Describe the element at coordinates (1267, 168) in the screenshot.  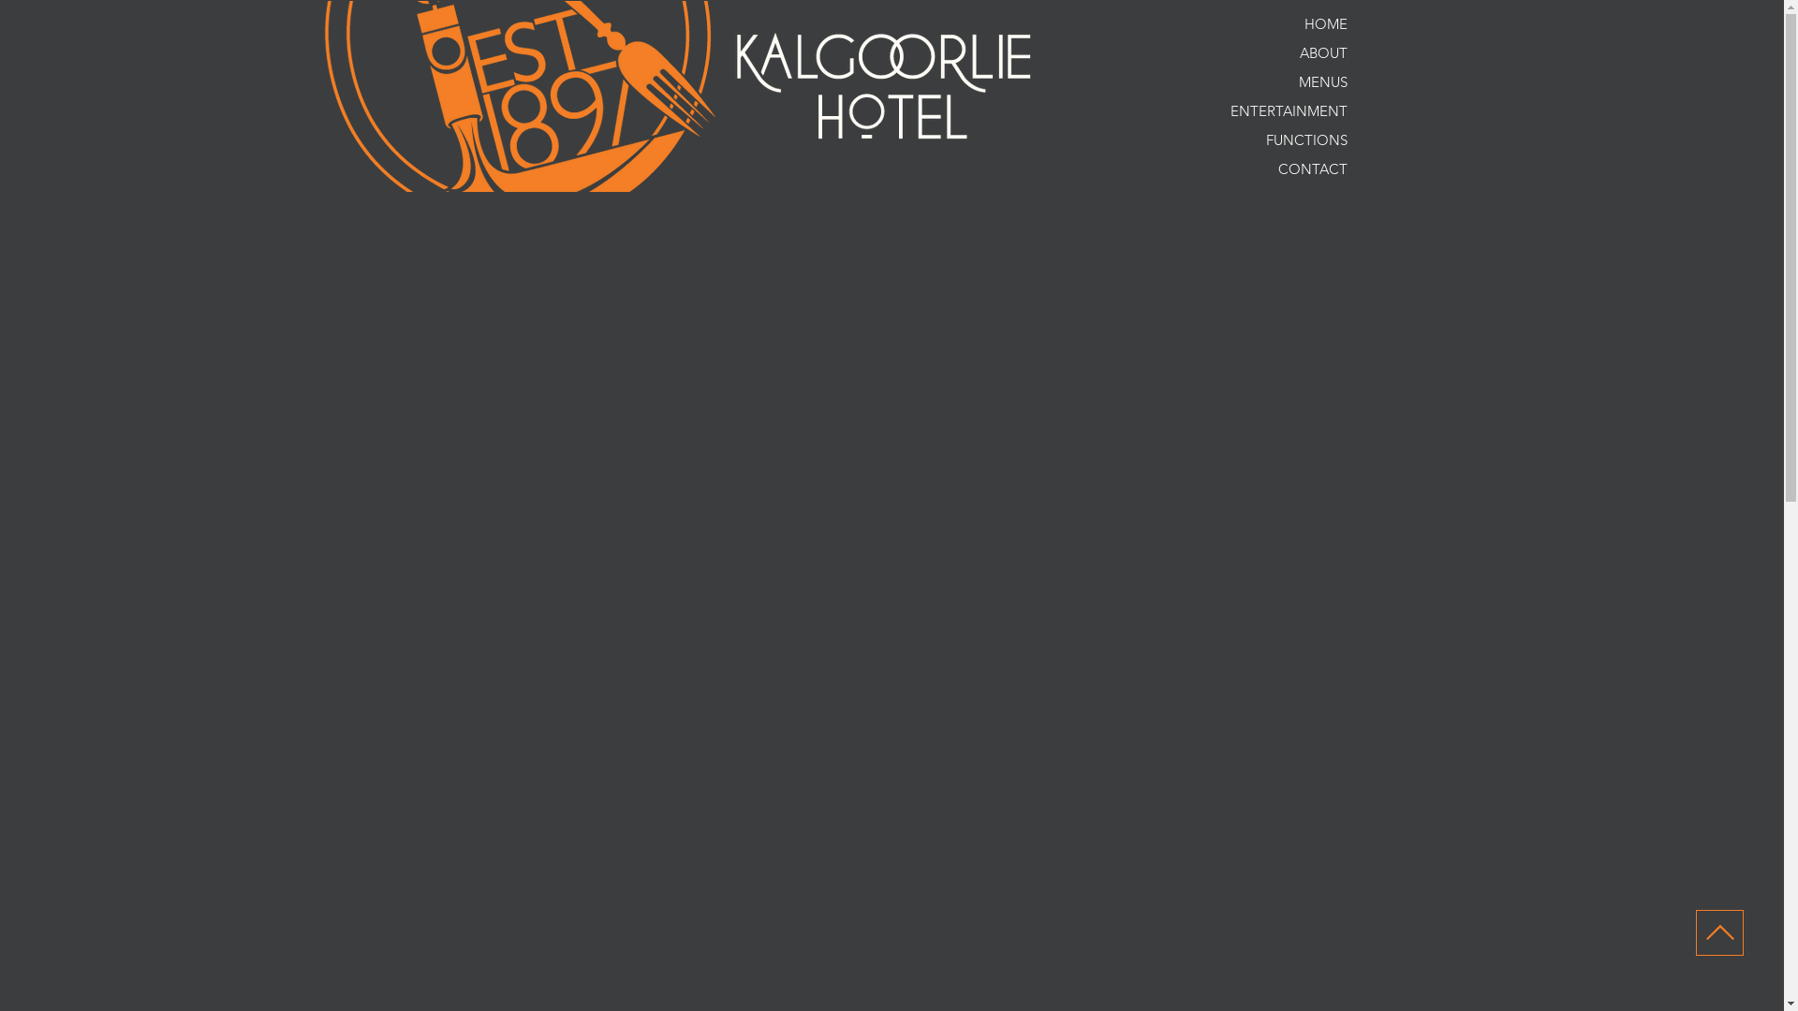
I see `'CONTACT'` at that location.